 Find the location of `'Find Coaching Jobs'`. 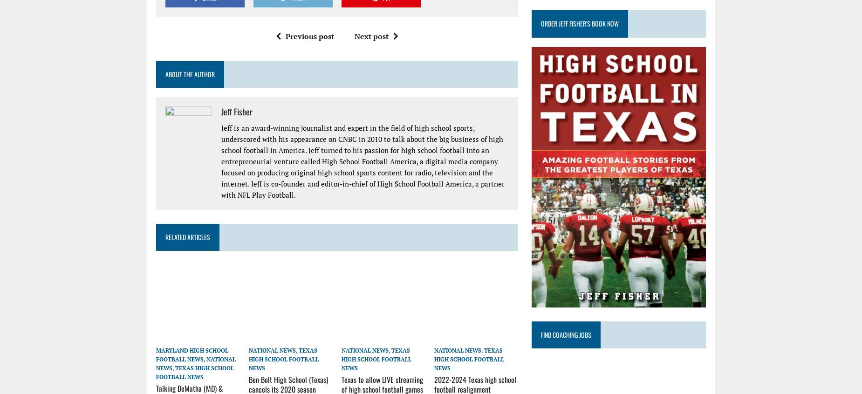

'Find Coaching Jobs' is located at coordinates (566, 334).